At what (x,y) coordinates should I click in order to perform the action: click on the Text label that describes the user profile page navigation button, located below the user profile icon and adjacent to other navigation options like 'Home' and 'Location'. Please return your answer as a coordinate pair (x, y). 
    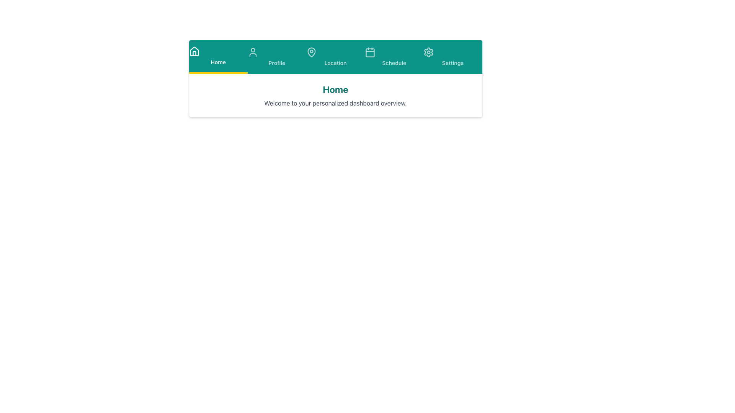
    Looking at the image, I should click on (276, 63).